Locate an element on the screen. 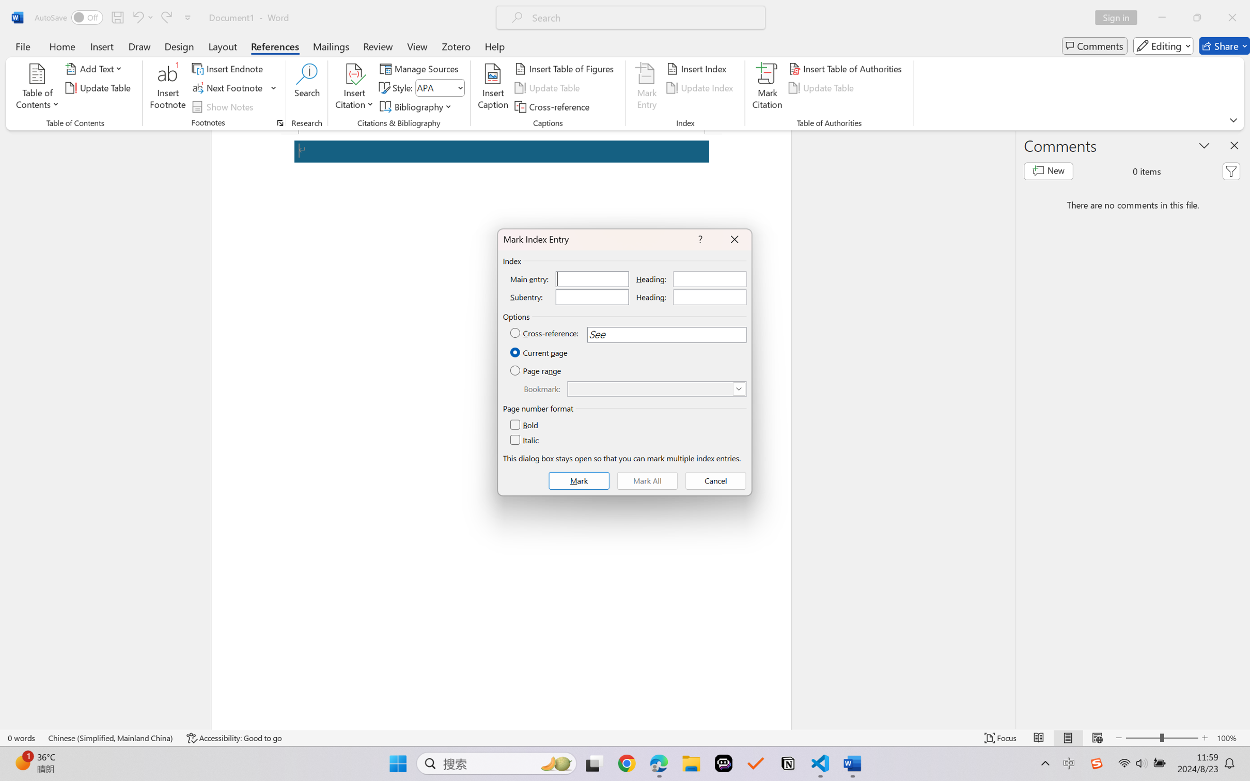  'Editing' is located at coordinates (1164, 45).